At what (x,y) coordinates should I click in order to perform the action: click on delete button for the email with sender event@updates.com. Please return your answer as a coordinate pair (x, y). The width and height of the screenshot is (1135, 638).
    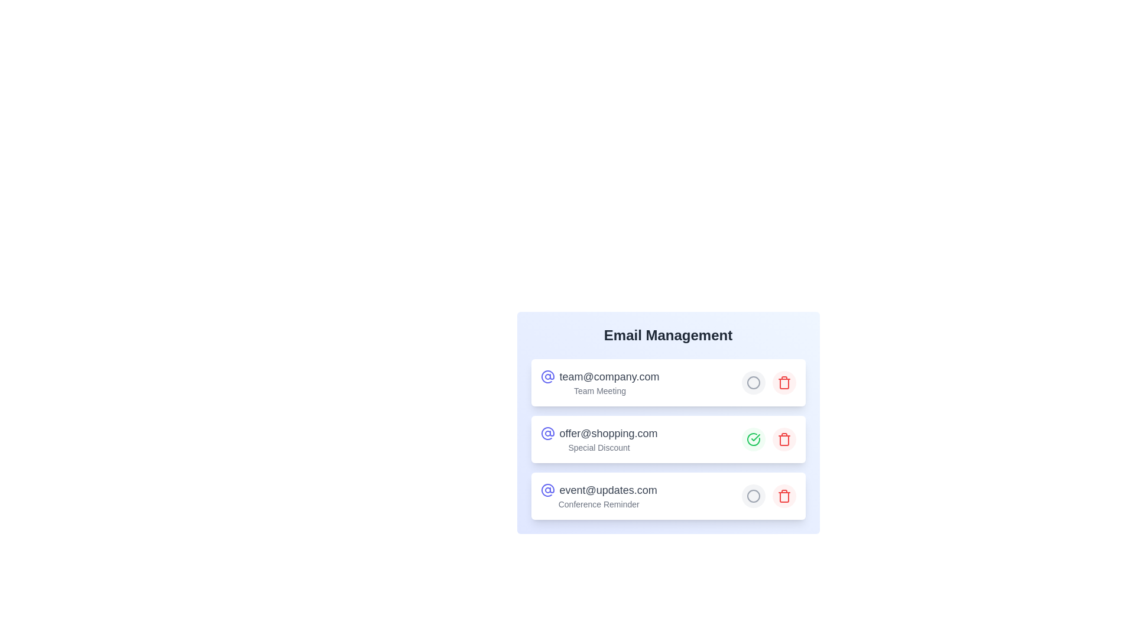
    Looking at the image, I should click on (784, 496).